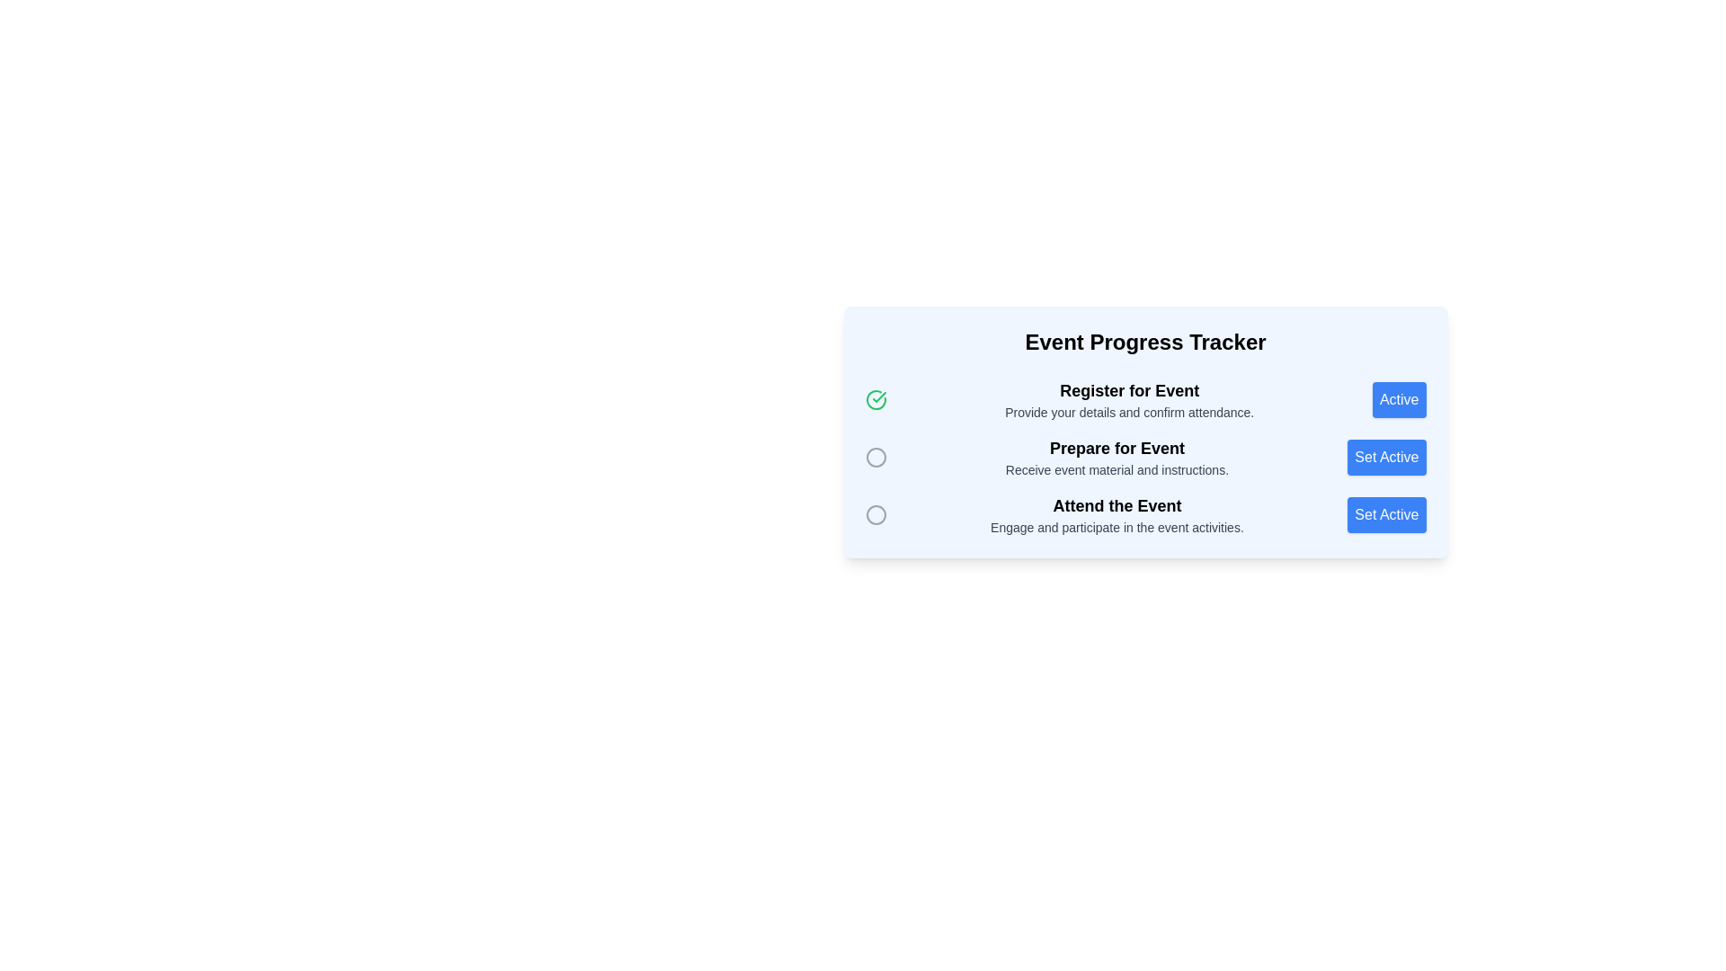 The image size is (1726, 971). I want to click on the 'Attend the Event' label, which is the third step in the vertical list under the 'Event Progress Tracker' header, so click(1117, 506).